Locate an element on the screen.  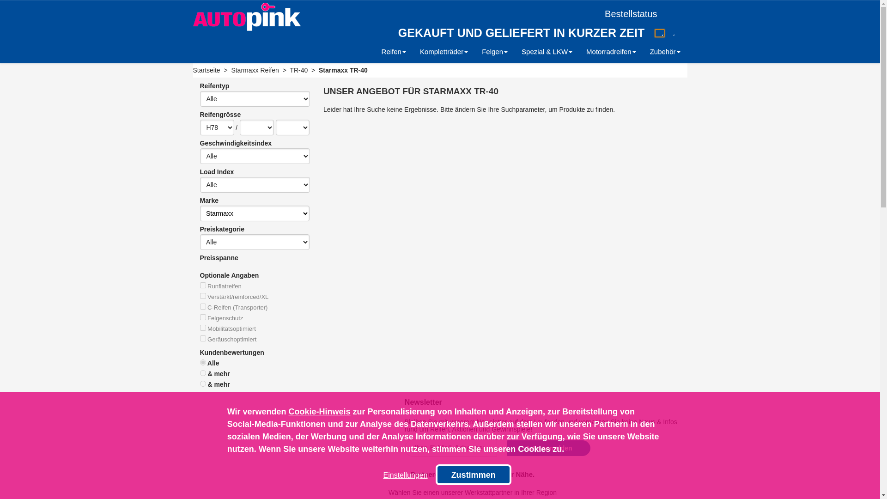
'Motorradreifen' is located at coordinates (611, 51).